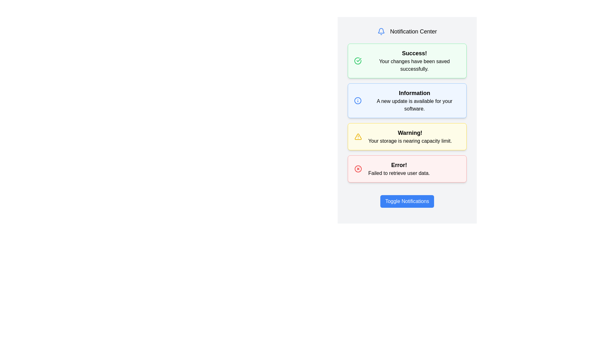  I want to click on the text display element that shows update availability notifications, located below the title 'Information' in the light blue notification card, so click(414, 105).